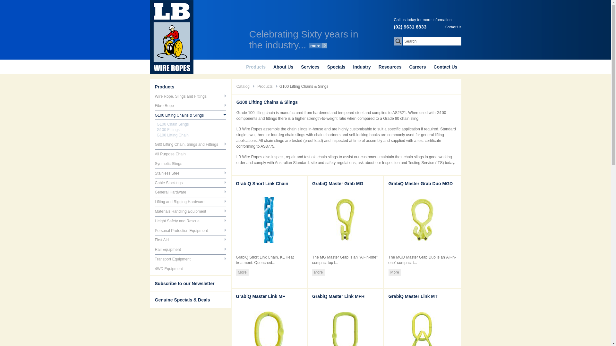 This screenshot has width=616, height=346. What do you see at coordinates (168, 163) in the screenshot?
I see `'Synthetic Slings'` at bounding box center [168, 163].